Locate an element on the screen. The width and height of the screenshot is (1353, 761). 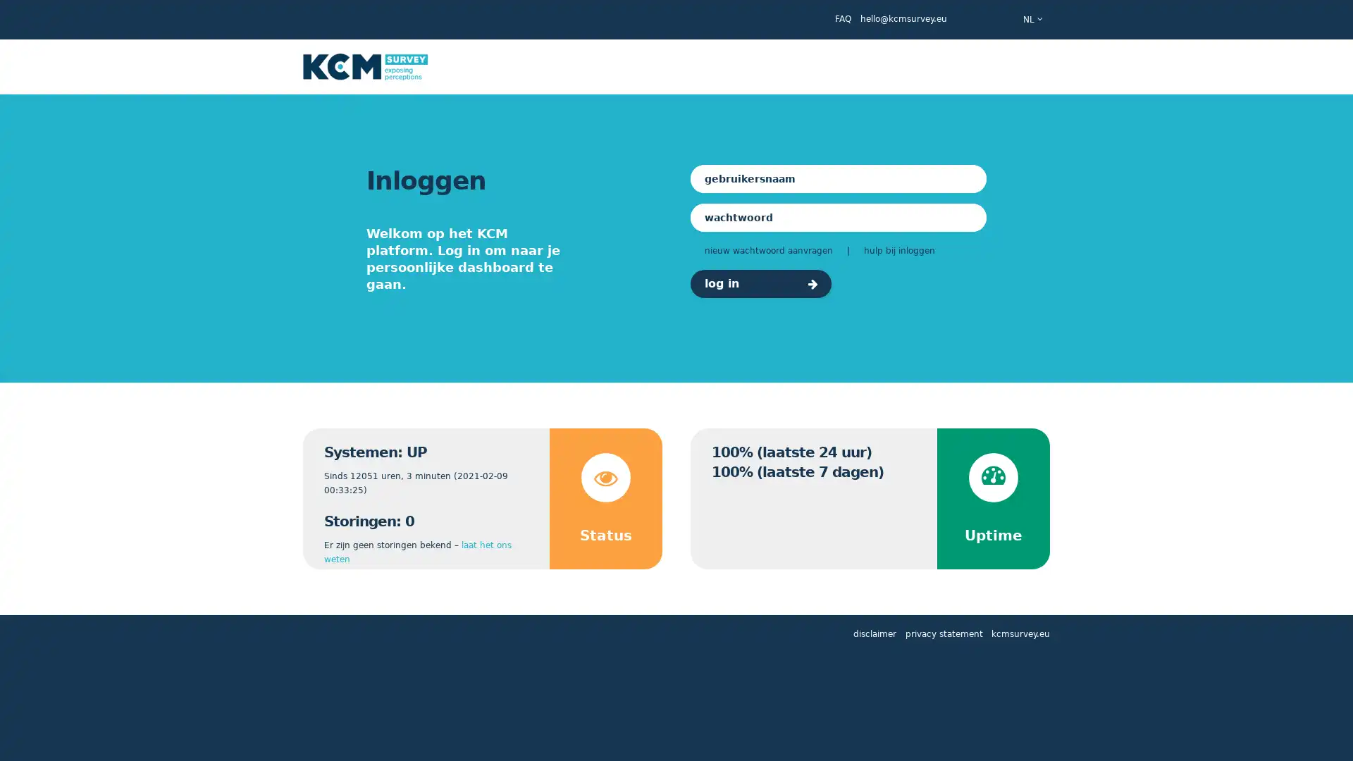
log in is located at coordinates (760, 283).